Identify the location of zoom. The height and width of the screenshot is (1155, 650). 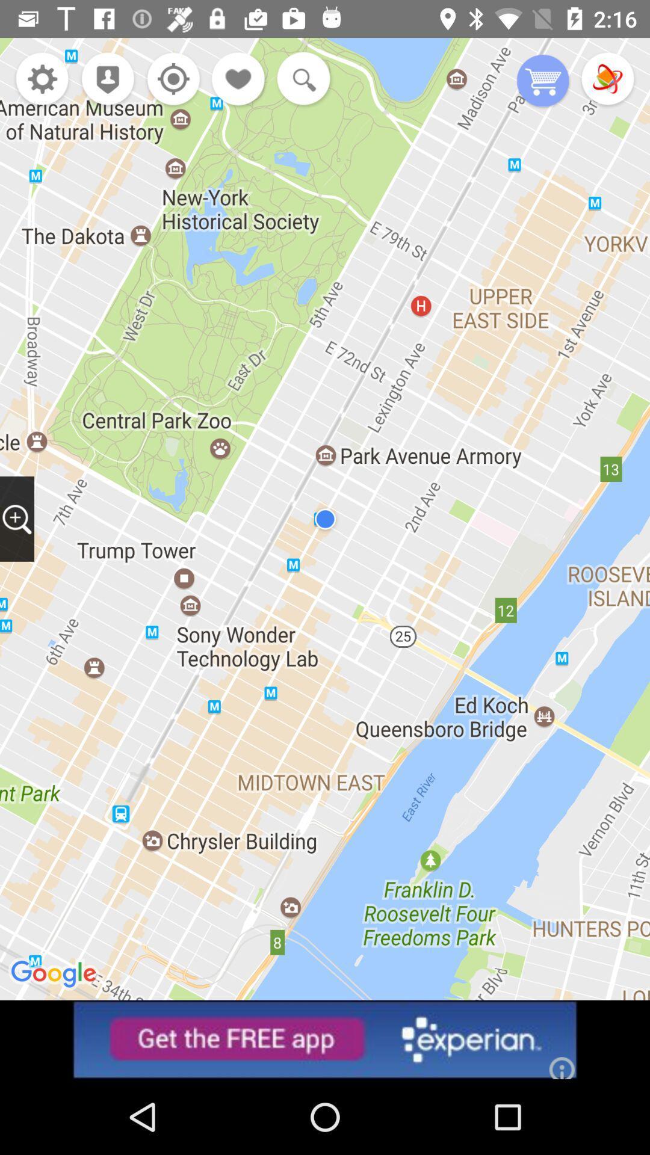
(17, 519).